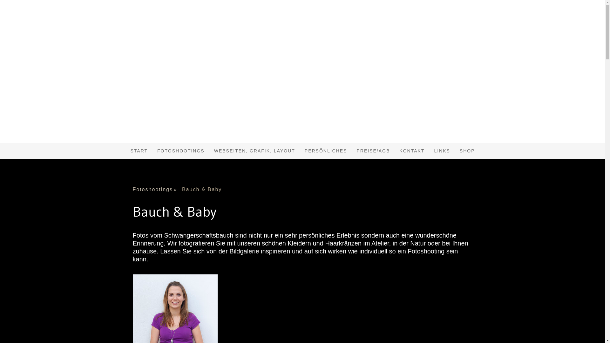 This screenshot has height=343, width=610. What do you see at coordinates (454, 151) in the screenshot?
I see `'SHOP'` at bounding box center [454, 151].